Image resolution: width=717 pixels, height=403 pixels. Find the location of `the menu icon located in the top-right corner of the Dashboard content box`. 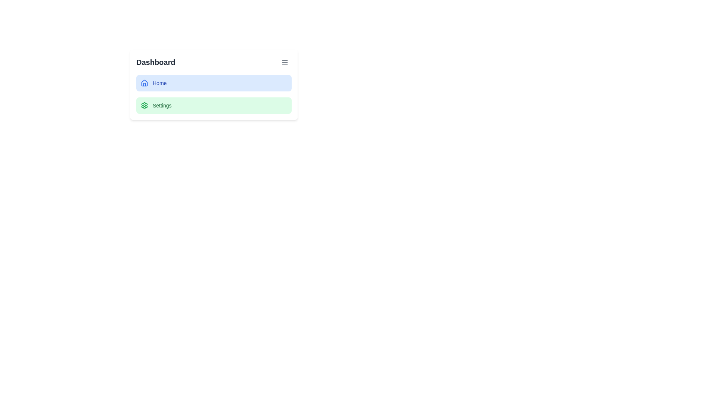

the menu icon located in the top-right corner of the Dashboard content box is located at coordinates (285, 62).